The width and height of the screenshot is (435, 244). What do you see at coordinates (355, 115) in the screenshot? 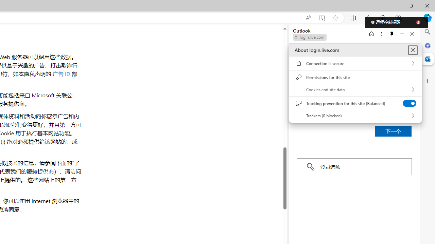
I see `'Trackers (0 blocked)'` at bounding box center [355, 115].